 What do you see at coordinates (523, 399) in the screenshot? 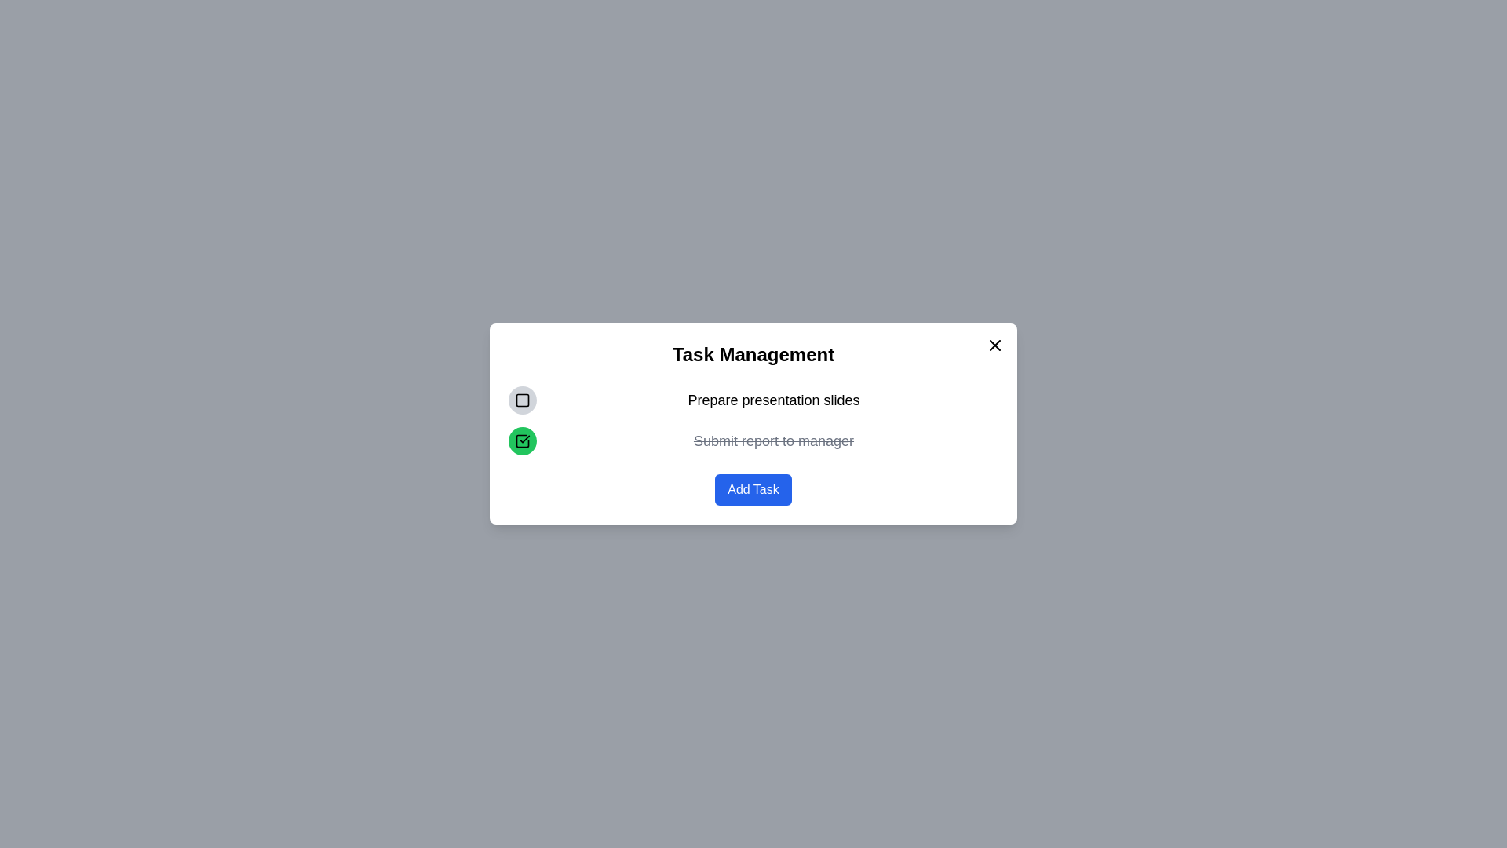
I see `the upper square icon located to the left of the modal content, serving as a visual indicator or action button` at bounding box center [523, 399].